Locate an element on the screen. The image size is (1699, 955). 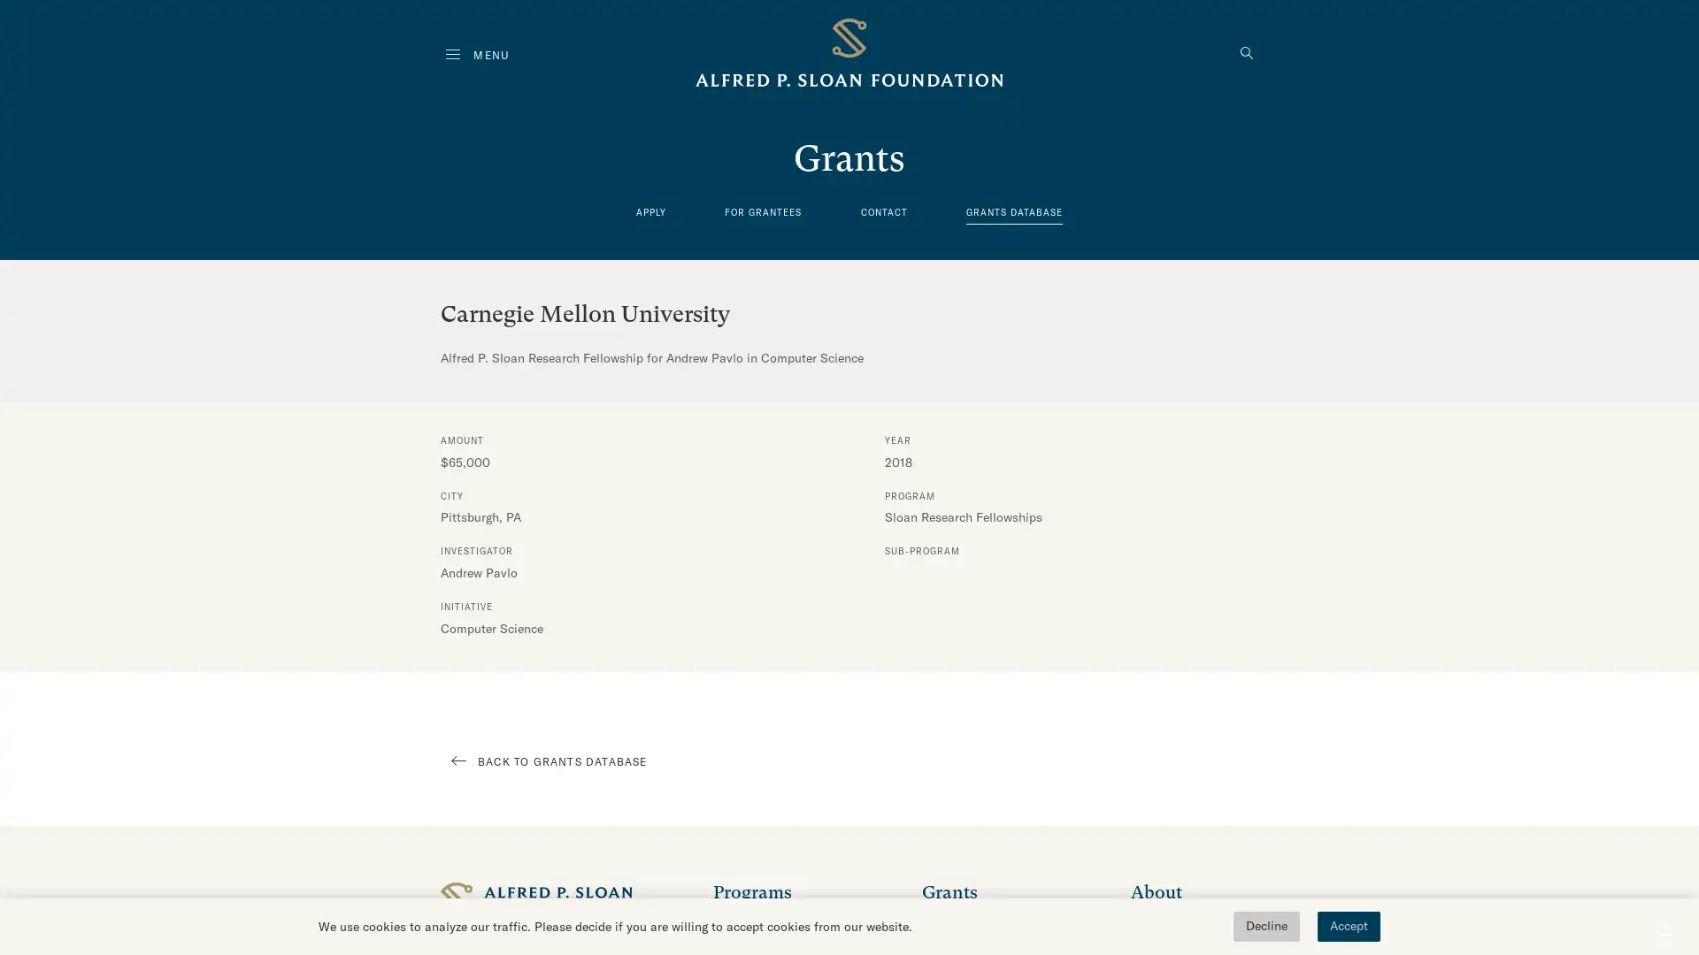
Click to search the website is located at coordinates (1246, 54).